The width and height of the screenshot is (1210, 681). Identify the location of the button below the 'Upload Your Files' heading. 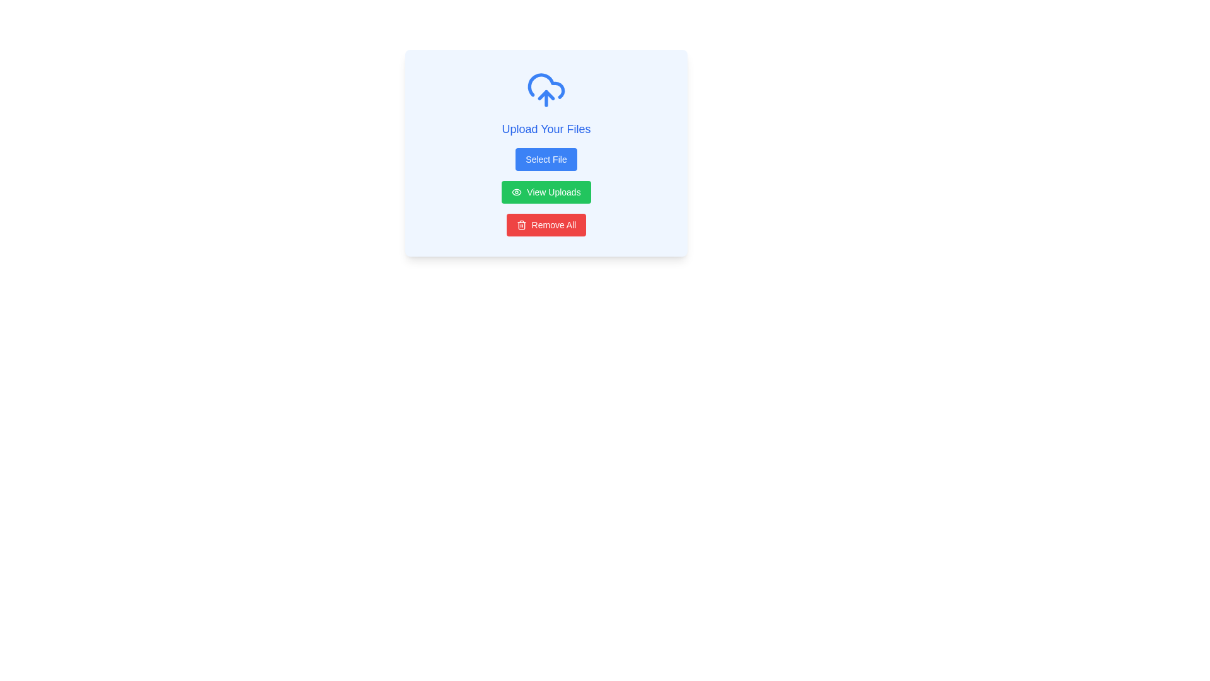
(546, 159).